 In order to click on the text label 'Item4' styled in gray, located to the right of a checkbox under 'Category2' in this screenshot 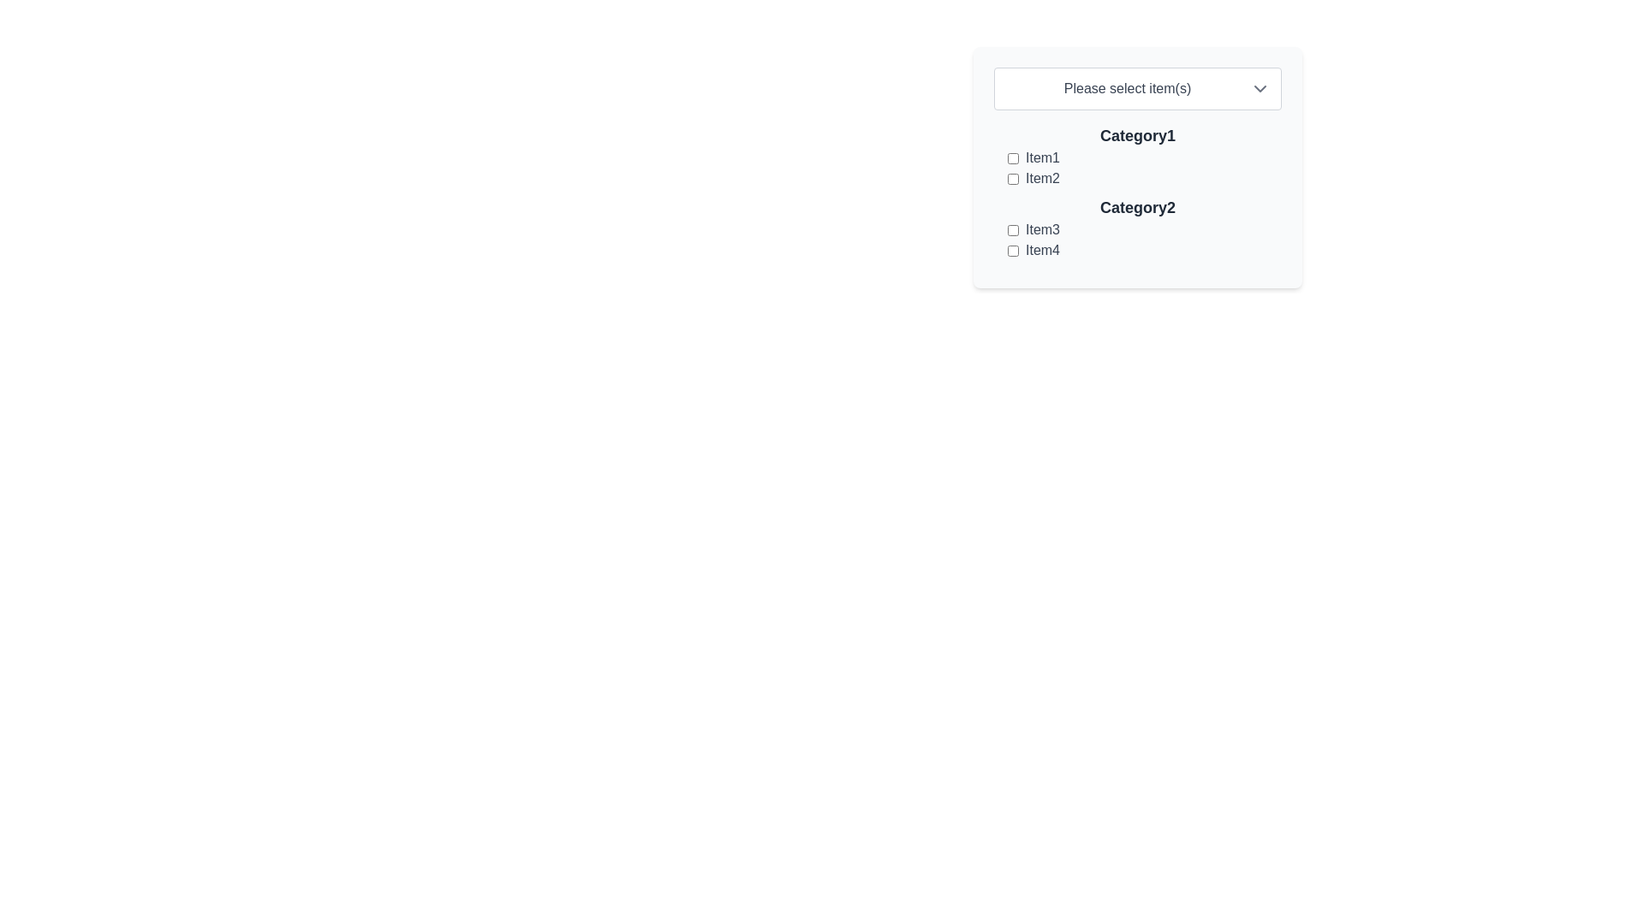, I will do `click(1042, 251)`.